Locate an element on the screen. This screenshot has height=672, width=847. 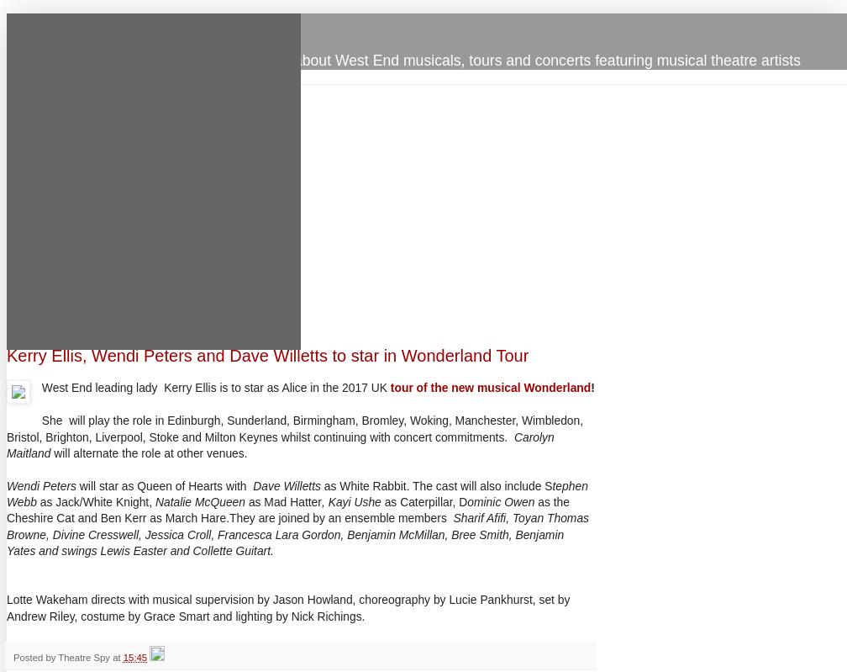
'at' is located at coordinates (112, 656).